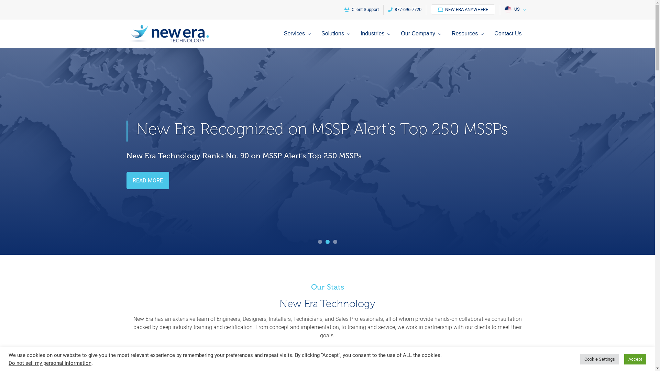 The height and width of the screenshot is (371, 660). I want to click on 'Contact Us', so click(508, 39).